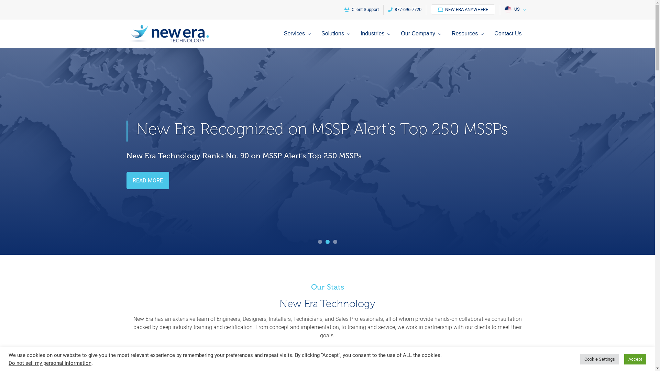 The height and width of the screenshot is (371, 660). I want to click on 'Contact Us', so click(508, 39).